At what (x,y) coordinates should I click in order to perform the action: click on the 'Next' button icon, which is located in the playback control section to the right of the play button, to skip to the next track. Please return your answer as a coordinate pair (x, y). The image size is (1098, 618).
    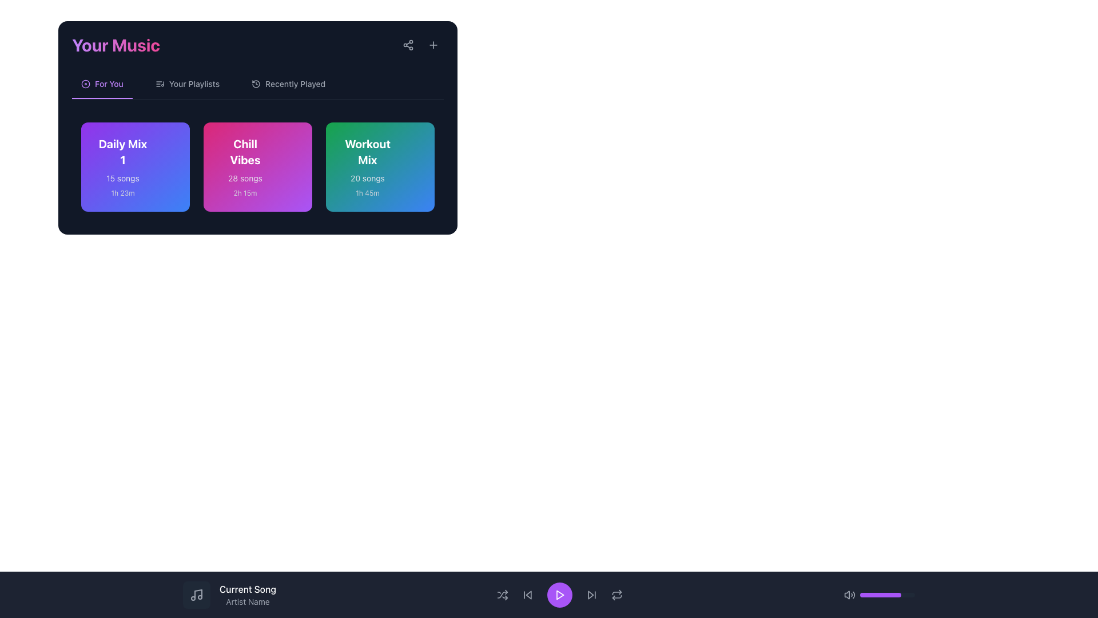
    Looking at the image, I should click on (591, 595).